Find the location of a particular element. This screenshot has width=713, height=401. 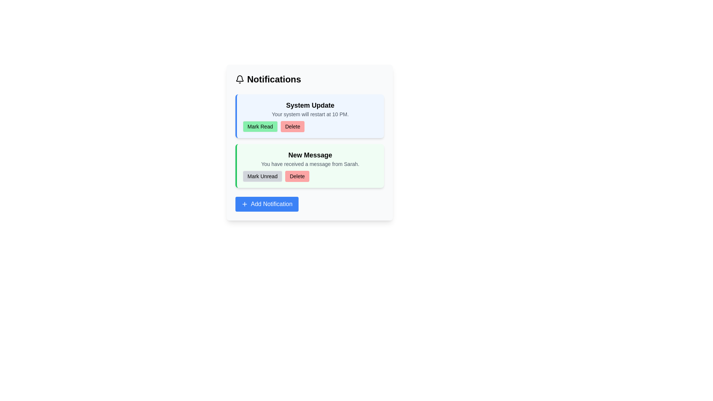

the 'Delete' button in the Action Bar located below the 'System Update' notification is located at coordinates (310, 126).